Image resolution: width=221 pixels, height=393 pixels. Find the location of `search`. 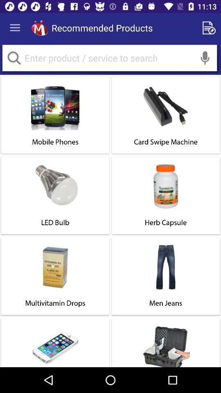

search is located at coordinates (109, 57).